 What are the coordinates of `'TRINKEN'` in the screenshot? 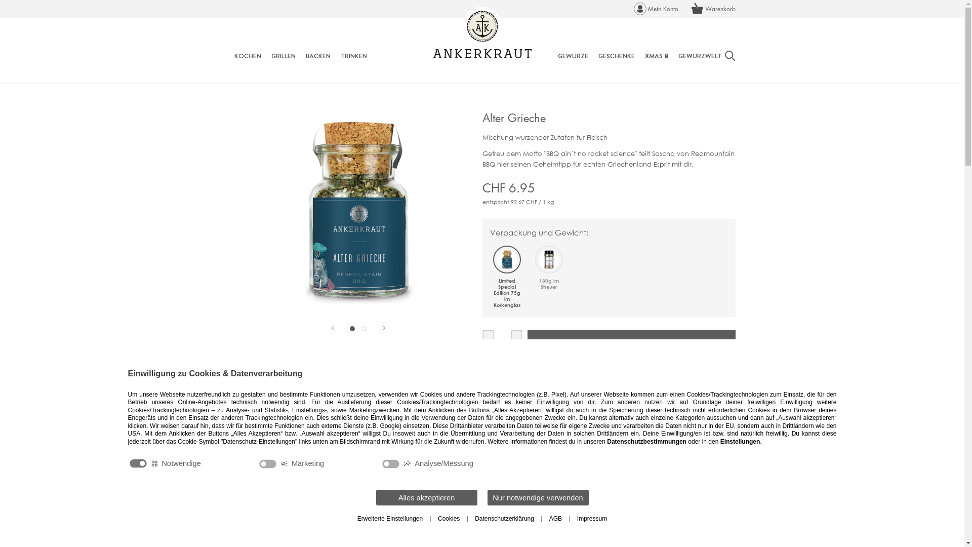 It's located at (340, 56).